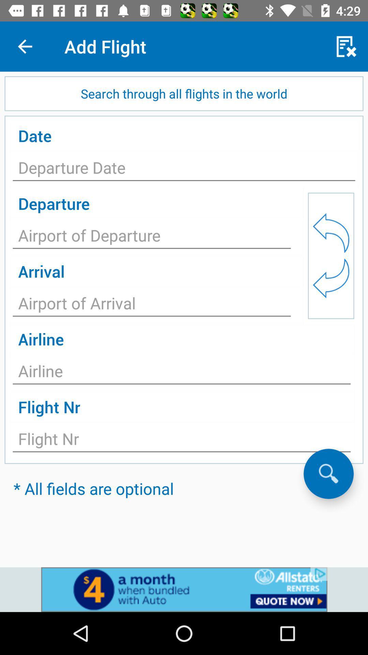  What do you see at coordinates (181, 373) in the screenshot?
I see `text field` at bounding box center [181, 373].